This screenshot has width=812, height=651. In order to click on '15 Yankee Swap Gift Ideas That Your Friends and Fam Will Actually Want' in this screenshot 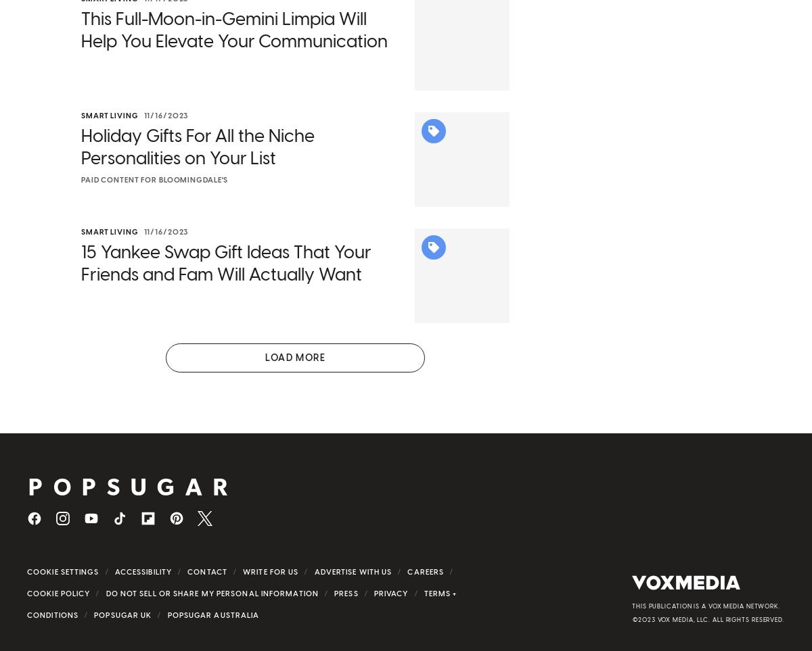, I will do `click(225, 281)`.